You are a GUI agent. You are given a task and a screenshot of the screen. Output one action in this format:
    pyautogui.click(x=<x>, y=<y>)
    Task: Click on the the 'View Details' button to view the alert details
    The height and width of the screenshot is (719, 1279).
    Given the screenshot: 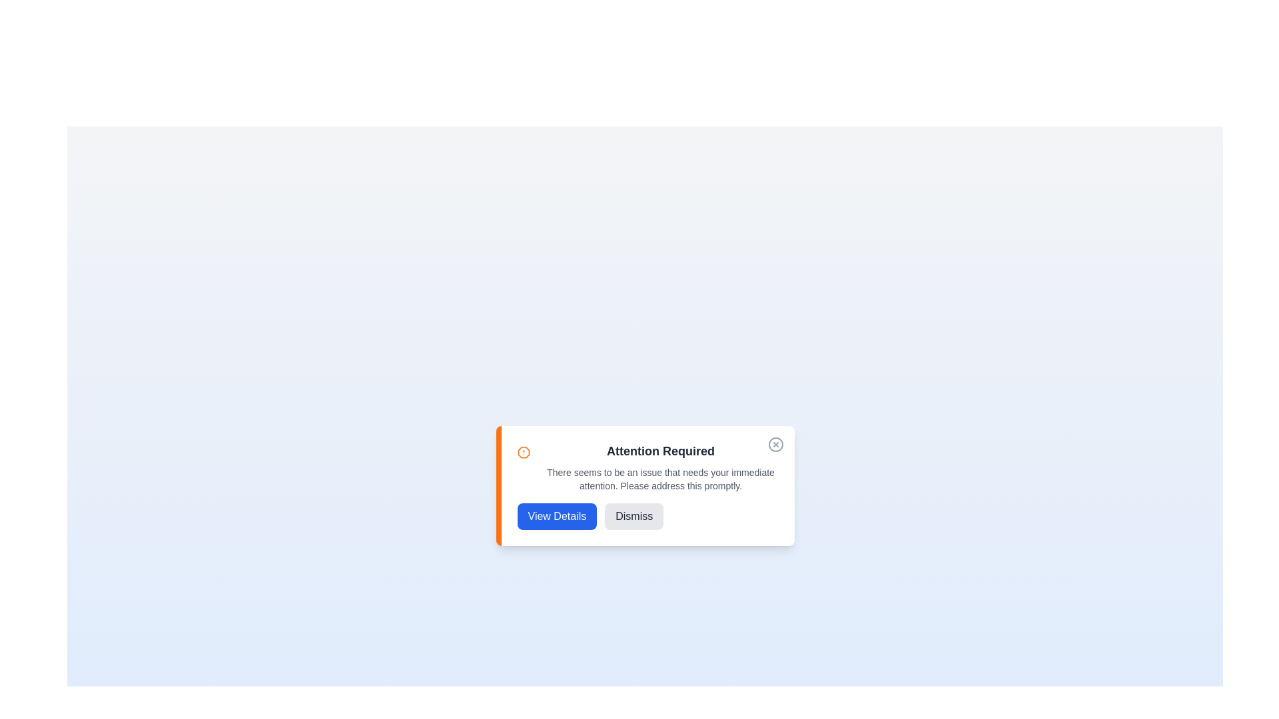 What is the action you would take?
    pyautogui.click(x=556, y=515)
    